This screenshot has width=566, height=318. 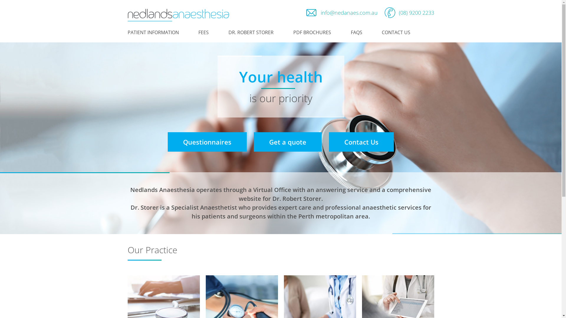 What do you see at coordinates (382, 32) in the screenshot?
I see `'CONTACT US'` at bounding box center [382, 32].